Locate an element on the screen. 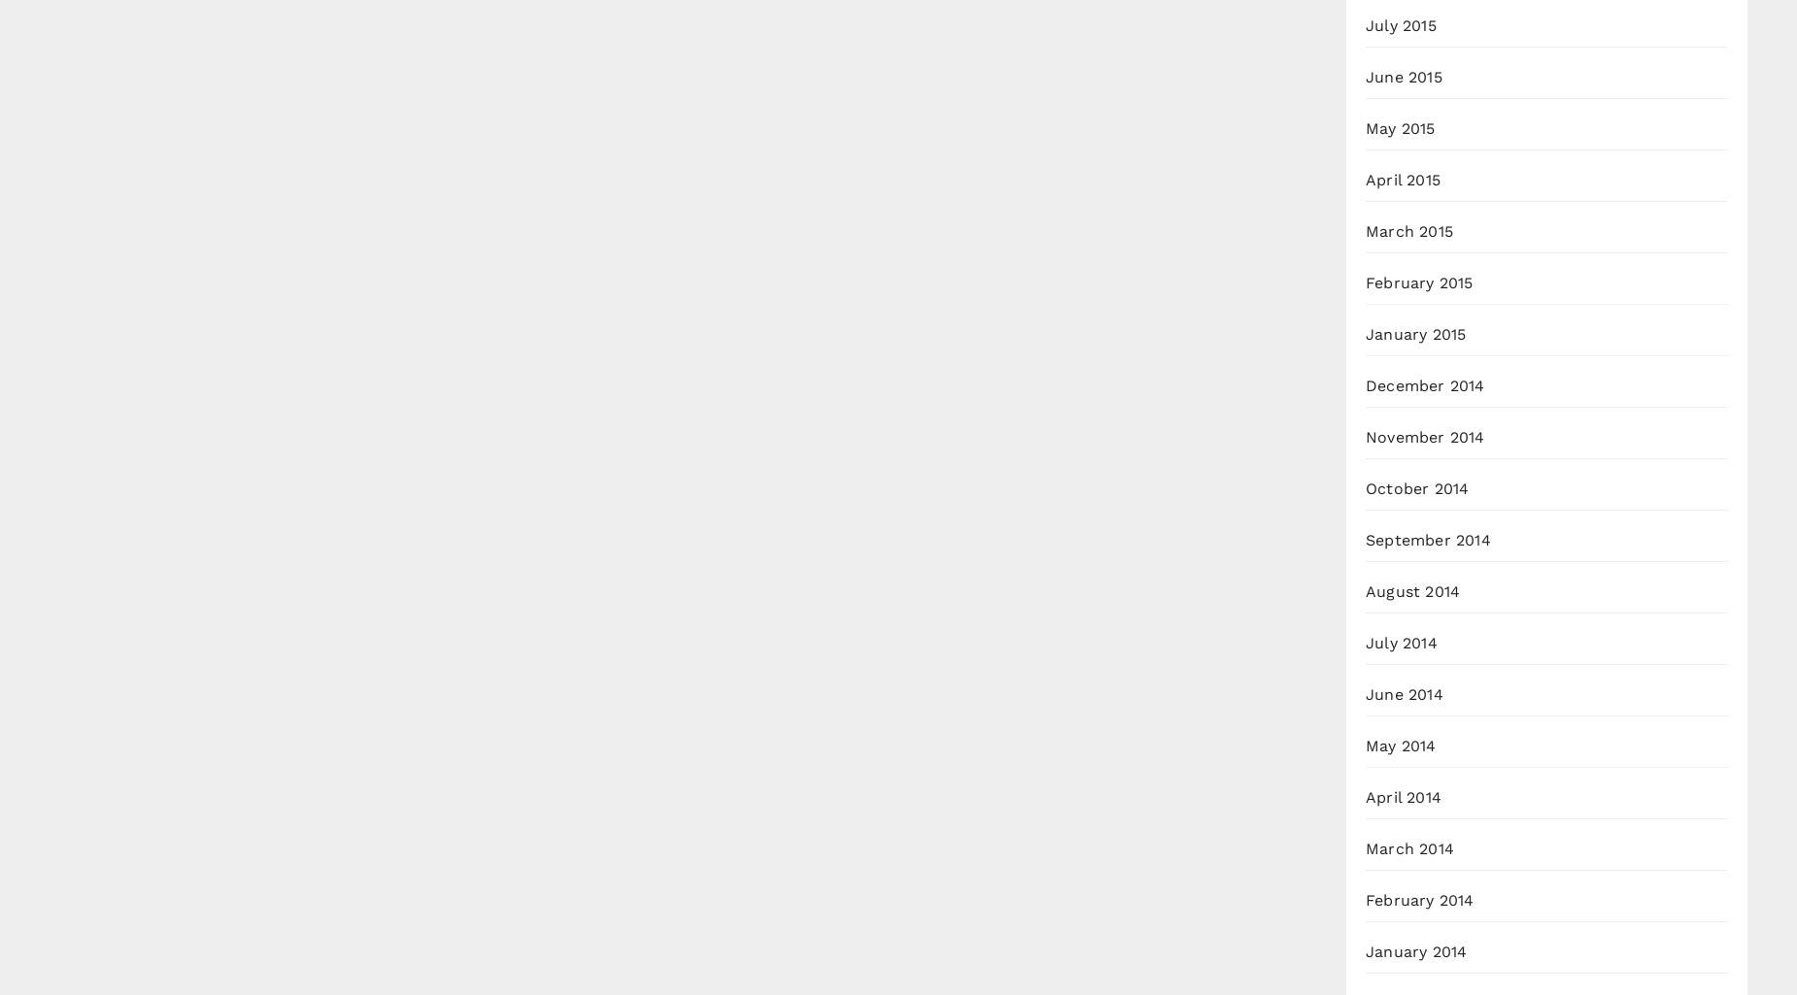  'January 2014' is located at coordinates (1415, 950).